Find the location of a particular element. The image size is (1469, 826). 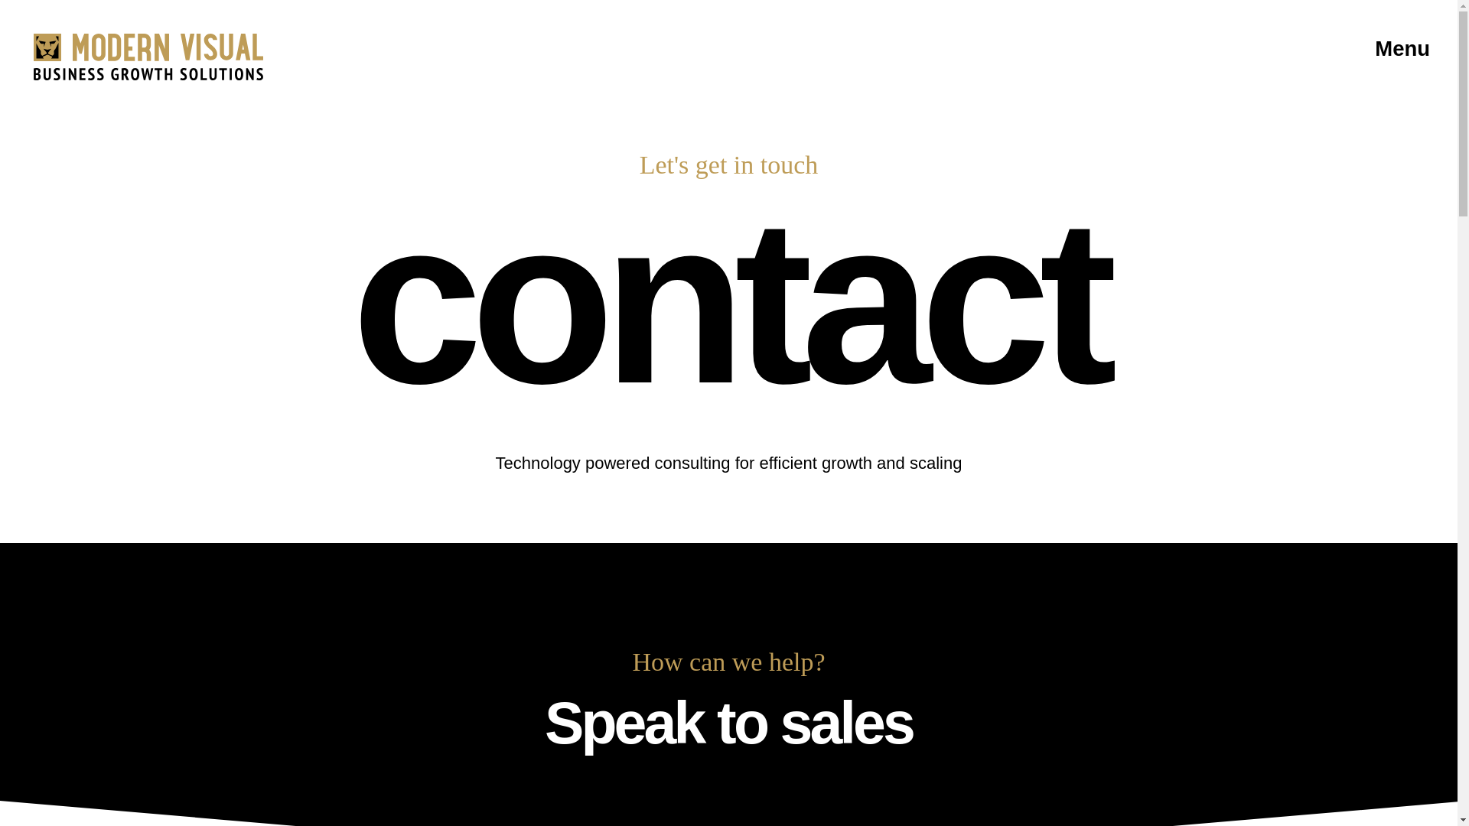

'Menu' is located at coordinates (1370, 47).